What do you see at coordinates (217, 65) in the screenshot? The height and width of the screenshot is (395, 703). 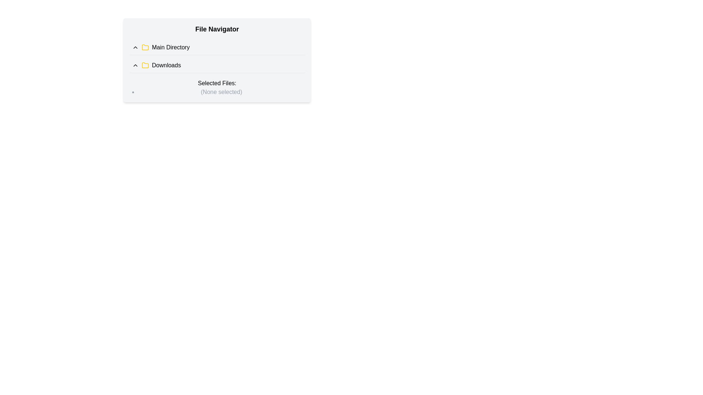 I see `the 'Downloads' file directory list item` at bounding box center [217, 65].